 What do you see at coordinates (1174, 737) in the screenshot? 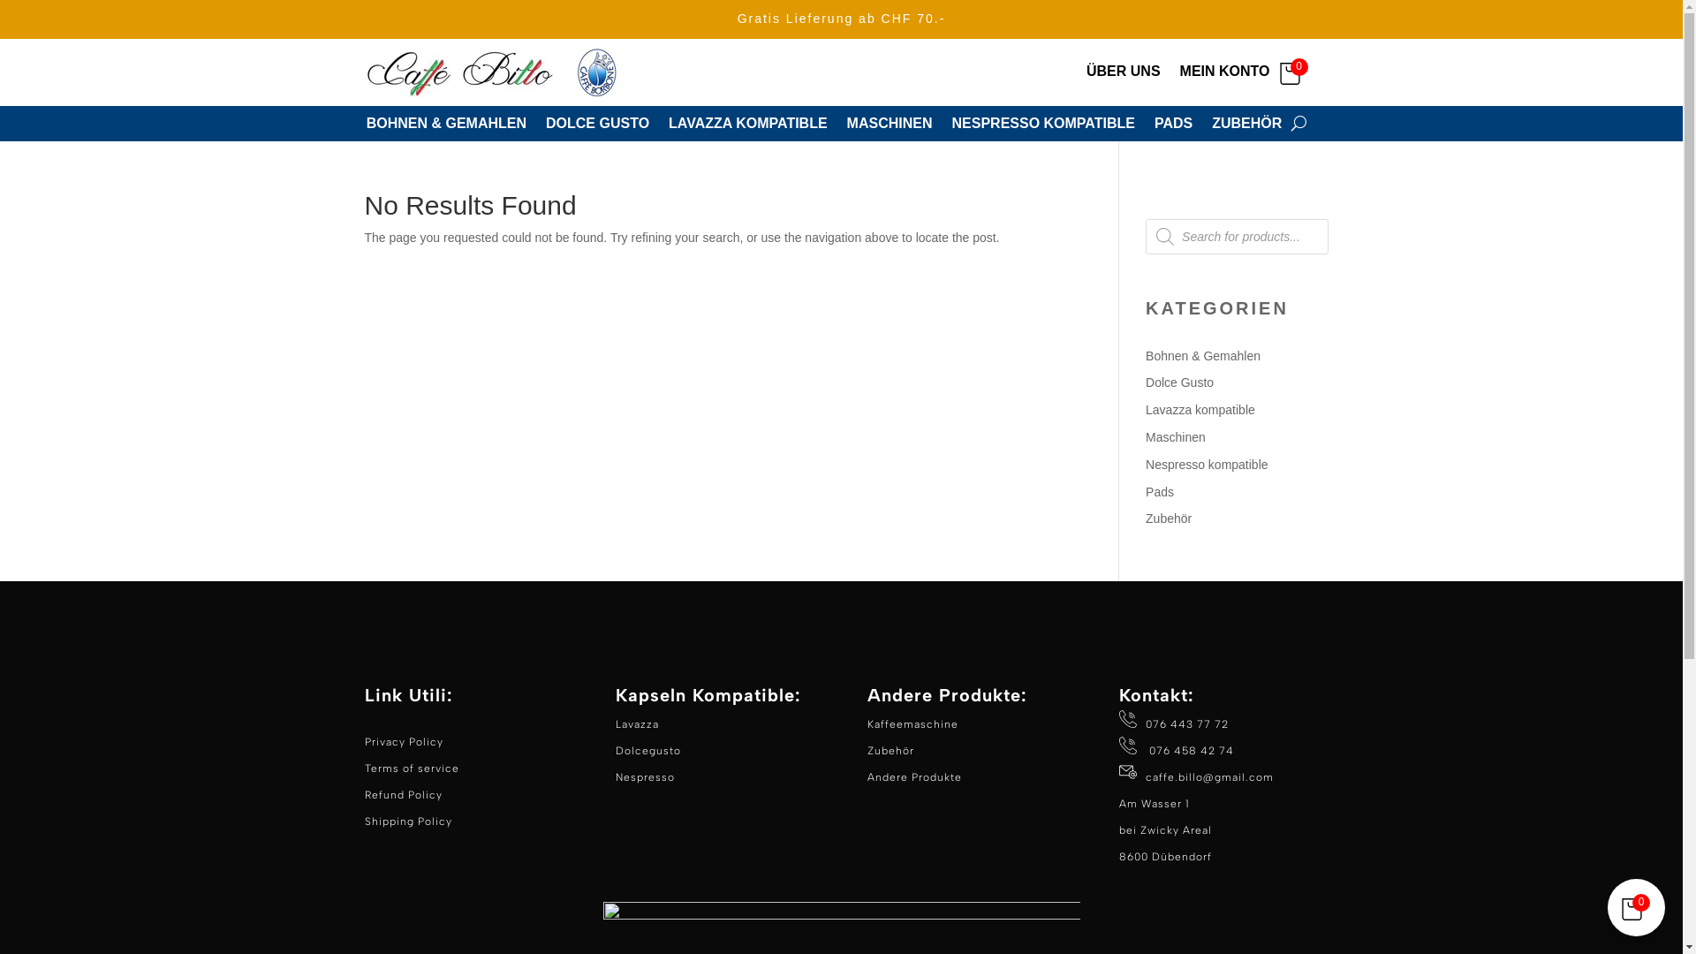
I see `'076 443 77 72'` at bounding box center [1174, 737].